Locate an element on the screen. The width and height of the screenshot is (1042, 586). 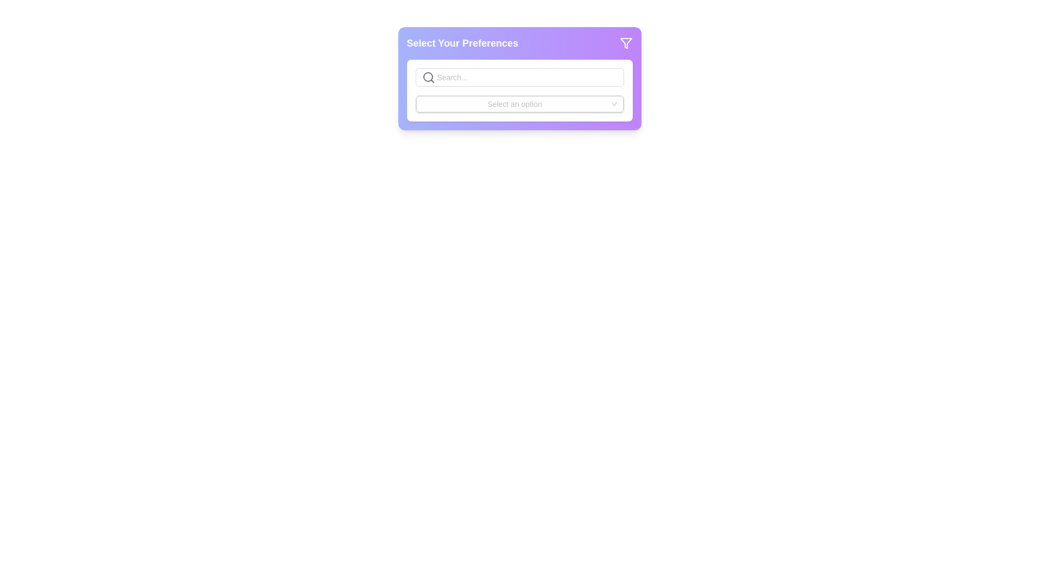
the search icon located inside the input field with the placeholder 'Search...' is located at coordinates (428, 77).